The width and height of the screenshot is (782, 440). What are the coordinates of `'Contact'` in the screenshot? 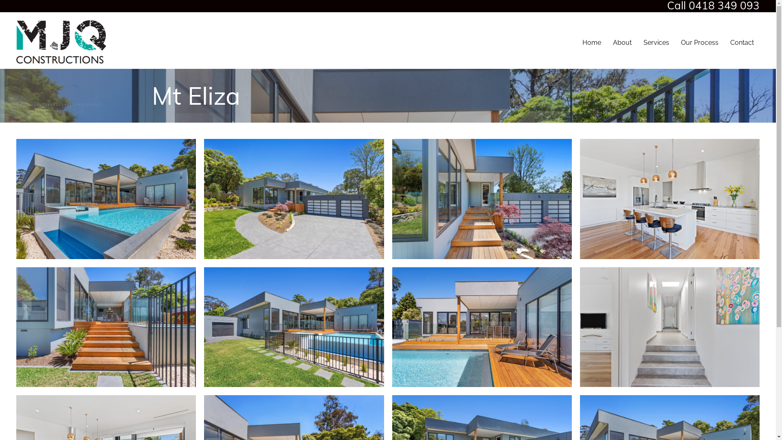 It's located at (725, 42).